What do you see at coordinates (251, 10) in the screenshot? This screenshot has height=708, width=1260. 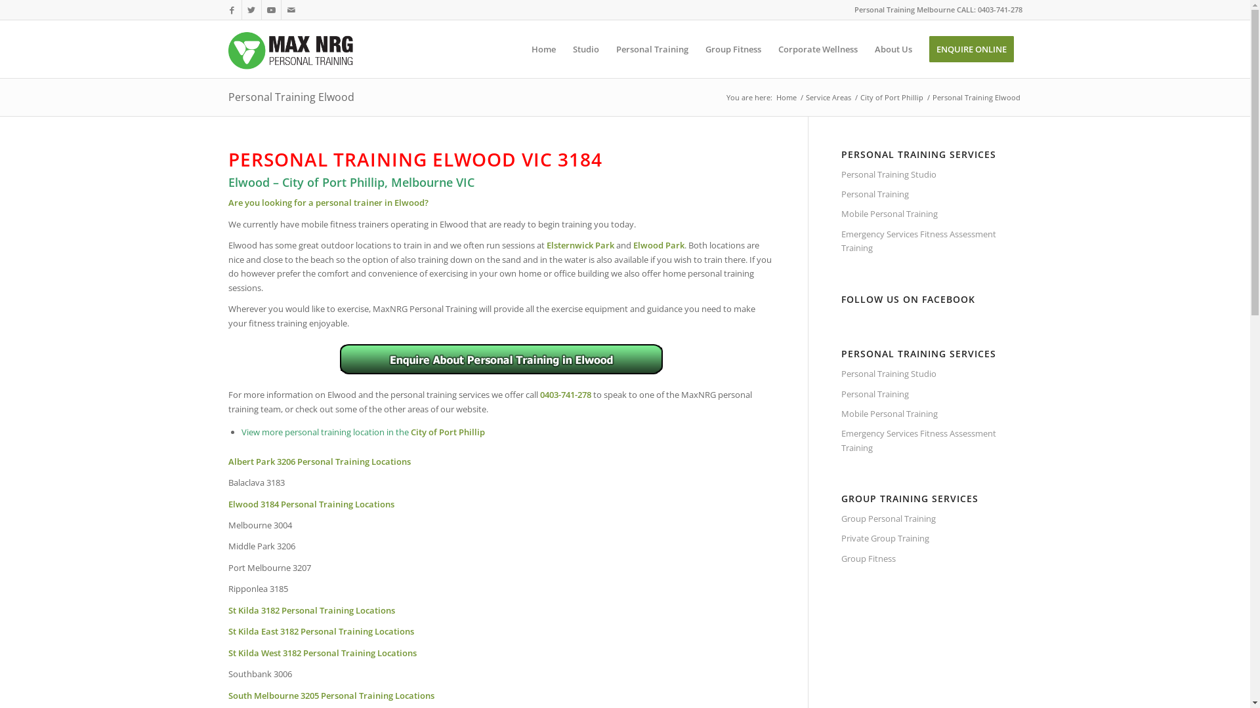 I see `'Twitter'` at bounding box center [251, 10].